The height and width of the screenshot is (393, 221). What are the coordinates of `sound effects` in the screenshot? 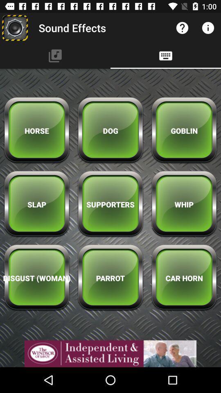 It's located at (15, 28).